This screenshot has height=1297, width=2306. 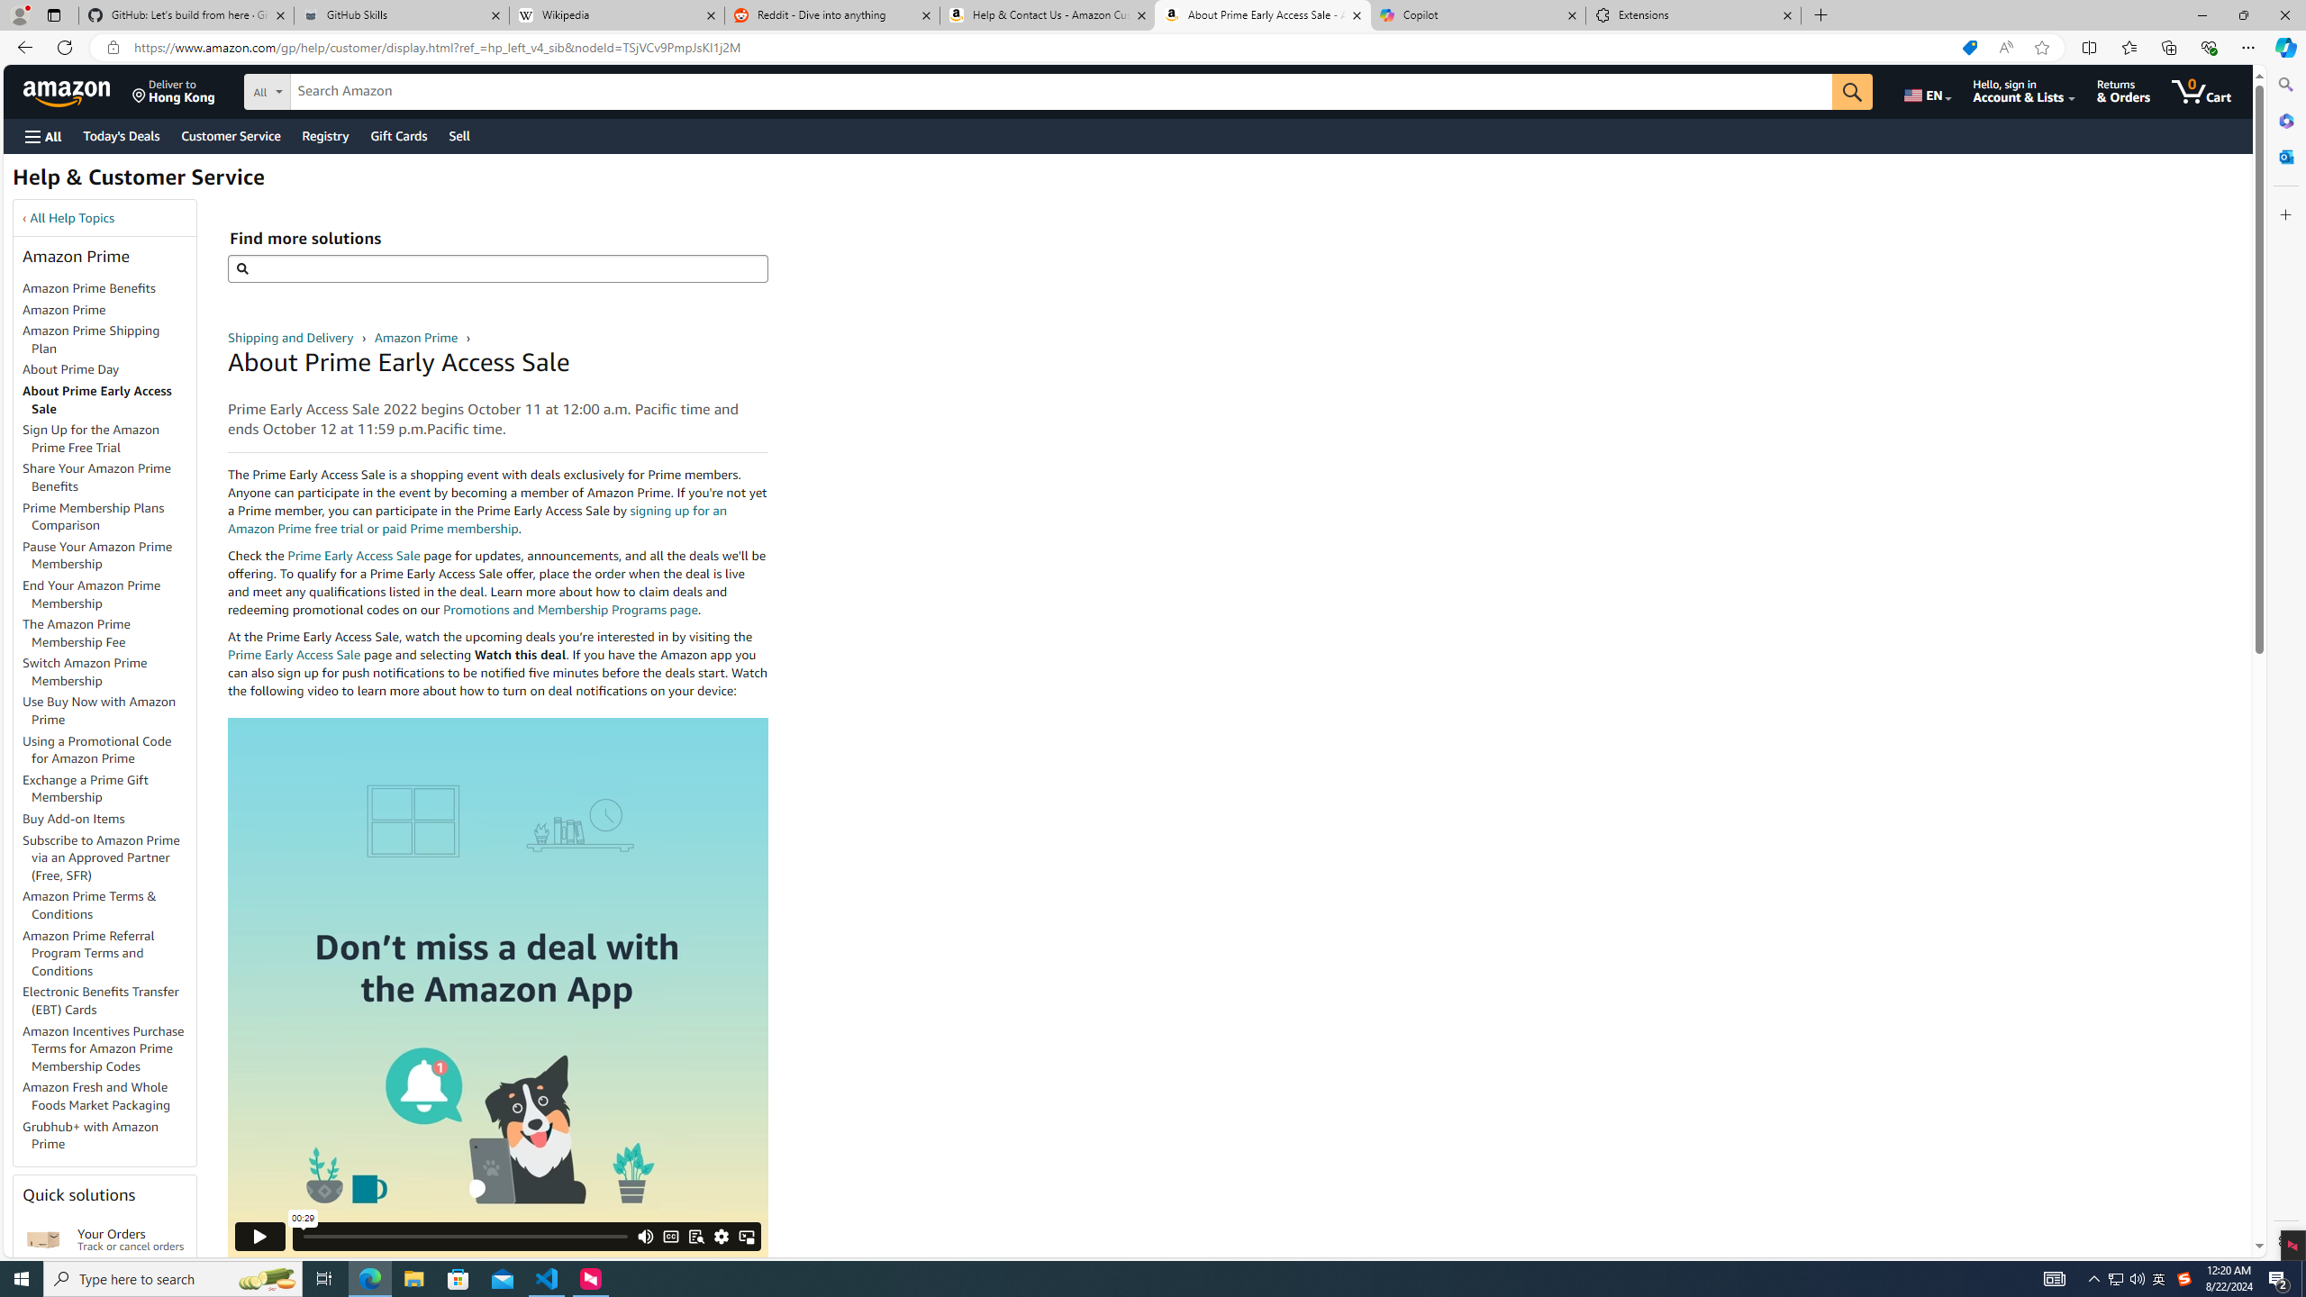 What do you see at coordinates (173, 90) in the screenshot?
I see `'Deliver to Hong Kong'` at bounding box center [173, 90].